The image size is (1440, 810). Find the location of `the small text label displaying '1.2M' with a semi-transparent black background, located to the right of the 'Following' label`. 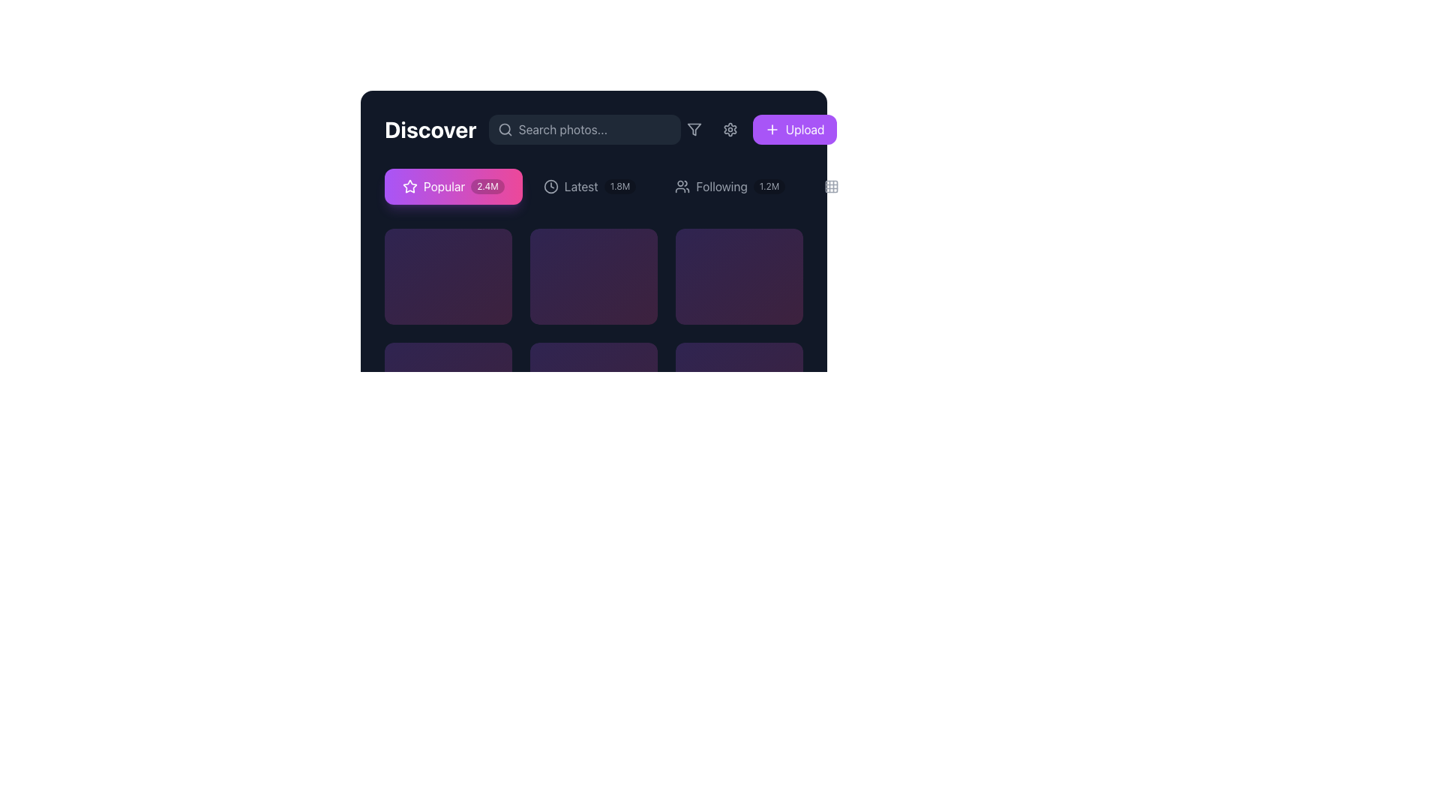

the small text label displaying '1.2M' with a semi-transparent black background, located to the right of the 'Following' label is located at coordinates (769, 186).